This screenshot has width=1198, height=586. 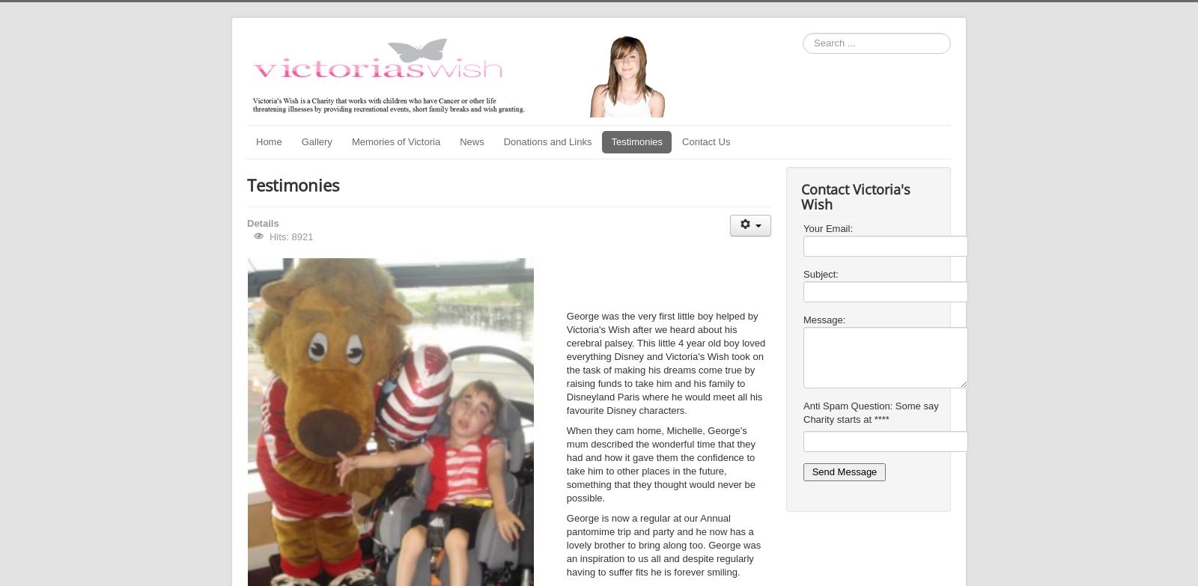 I want to click on 'Your Email:', so click(x=828, y=228).